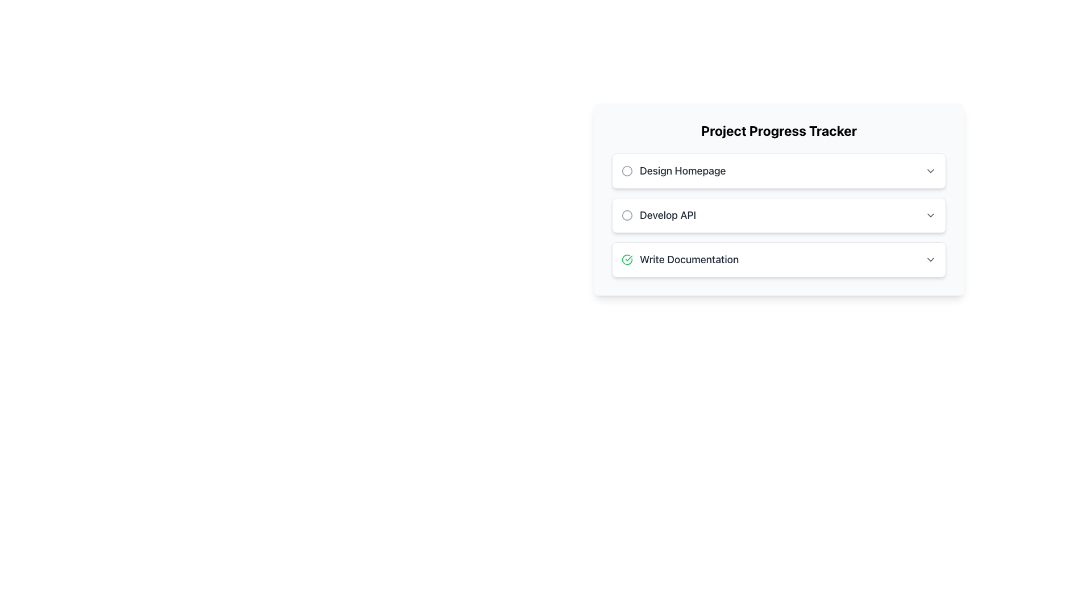 The height and width of the screenshot is (614, 1091). Describe the element at coordinates (627, 171) in the screenshot. I see `the status icon located to the left of the 'Design Homepage' text in the 'Project Progress Tracker' list` at that location.